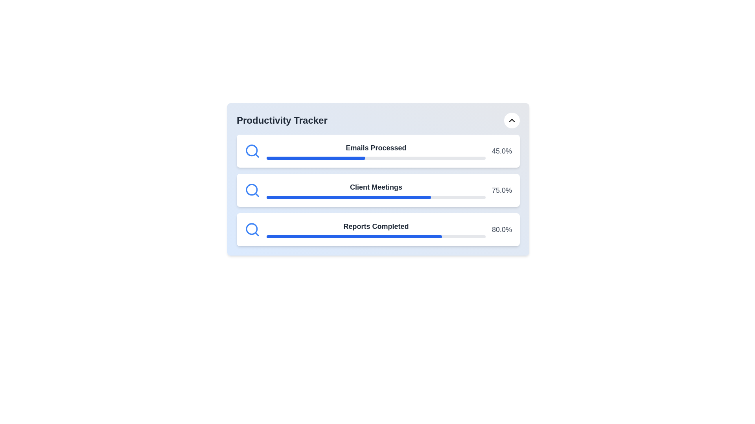  What do you see at coordinates (376, 227) in the screenshot?
I see `the text label that indicates the subject or context of the progress bar, located in the upper-center part of its card, in the third section from the top of a vertically stacked list of progress cards` at bounding box center [376, 227].